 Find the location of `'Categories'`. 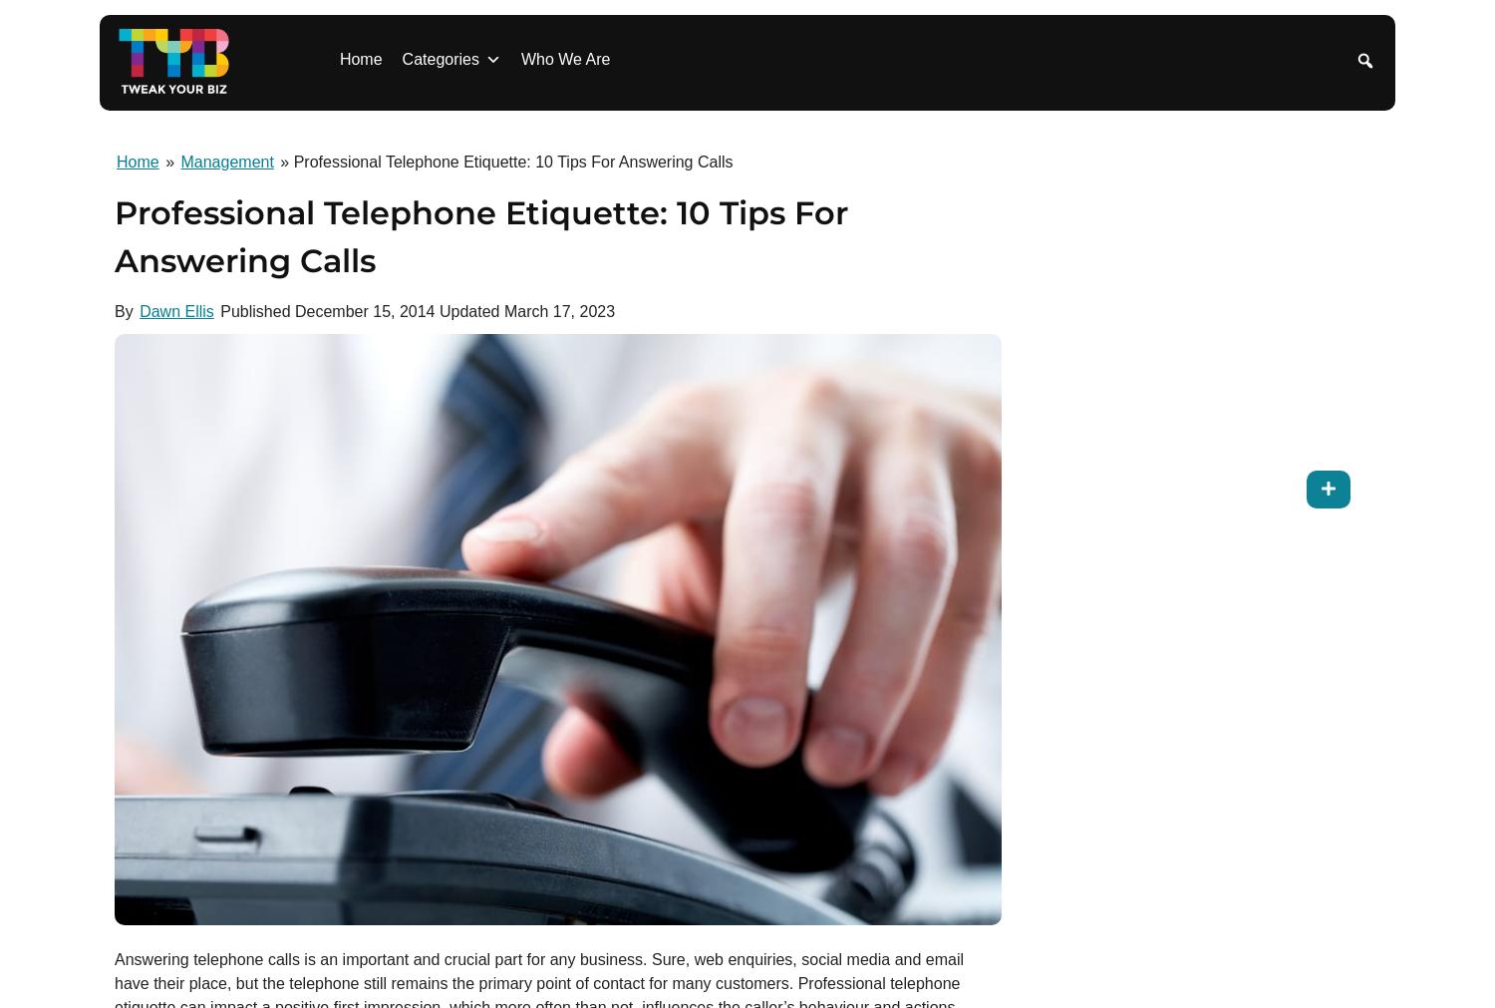

'Categories' is located at coordinates (439, 58).